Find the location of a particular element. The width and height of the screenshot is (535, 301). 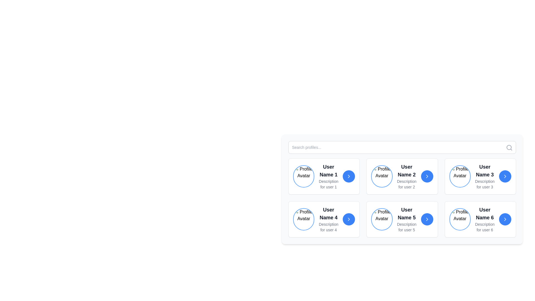

descriptive text located in the lower portion of the profile card for 'User Name 5', which is positioned directly below the larger text 'User Name 5' is located at coordinates (407, 227).